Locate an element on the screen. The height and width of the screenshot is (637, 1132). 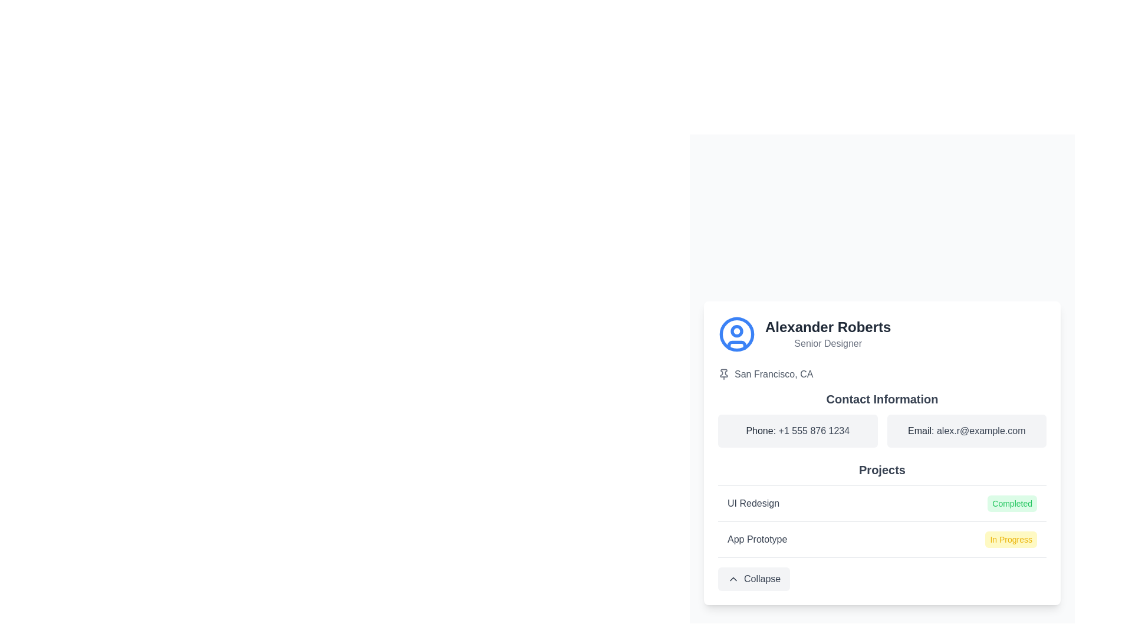
the header text displaying the individual's name, which is centered above the 'Senior Designer' text and aligned with the avatar image is located at coordinates (827, 327).